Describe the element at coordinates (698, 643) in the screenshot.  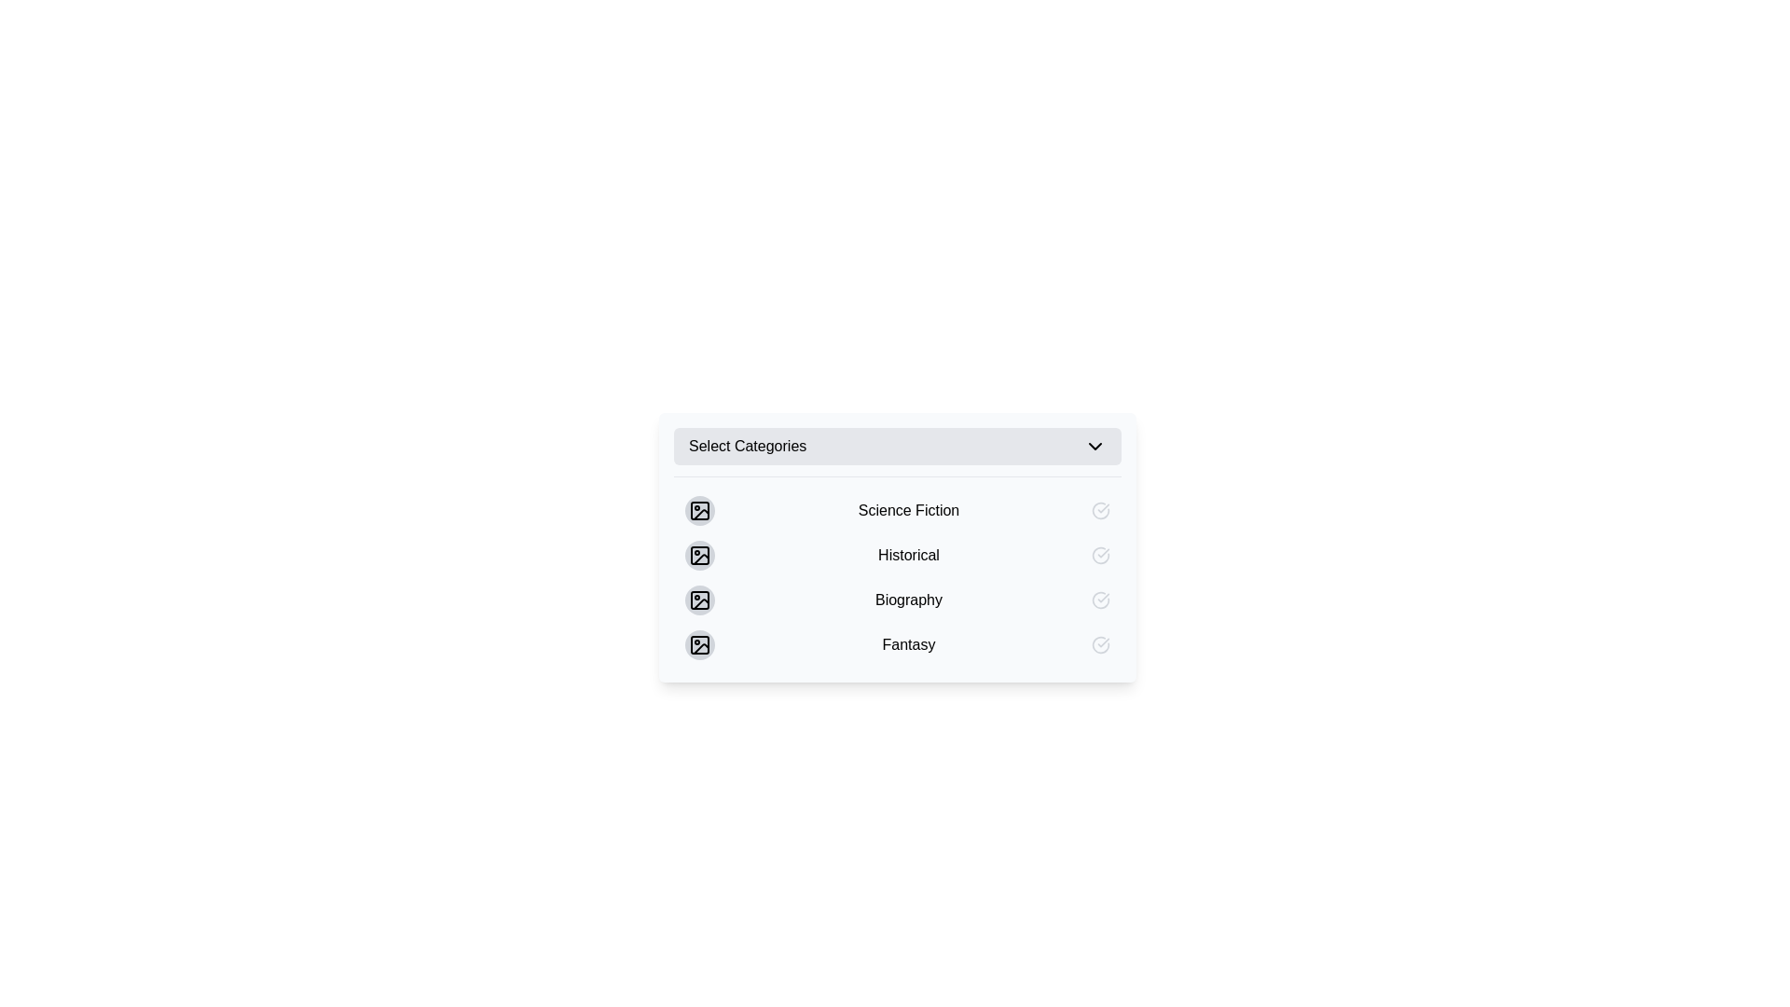
I see `the photo frame icon with a sun and mountain symbol, which is the last` at that location.